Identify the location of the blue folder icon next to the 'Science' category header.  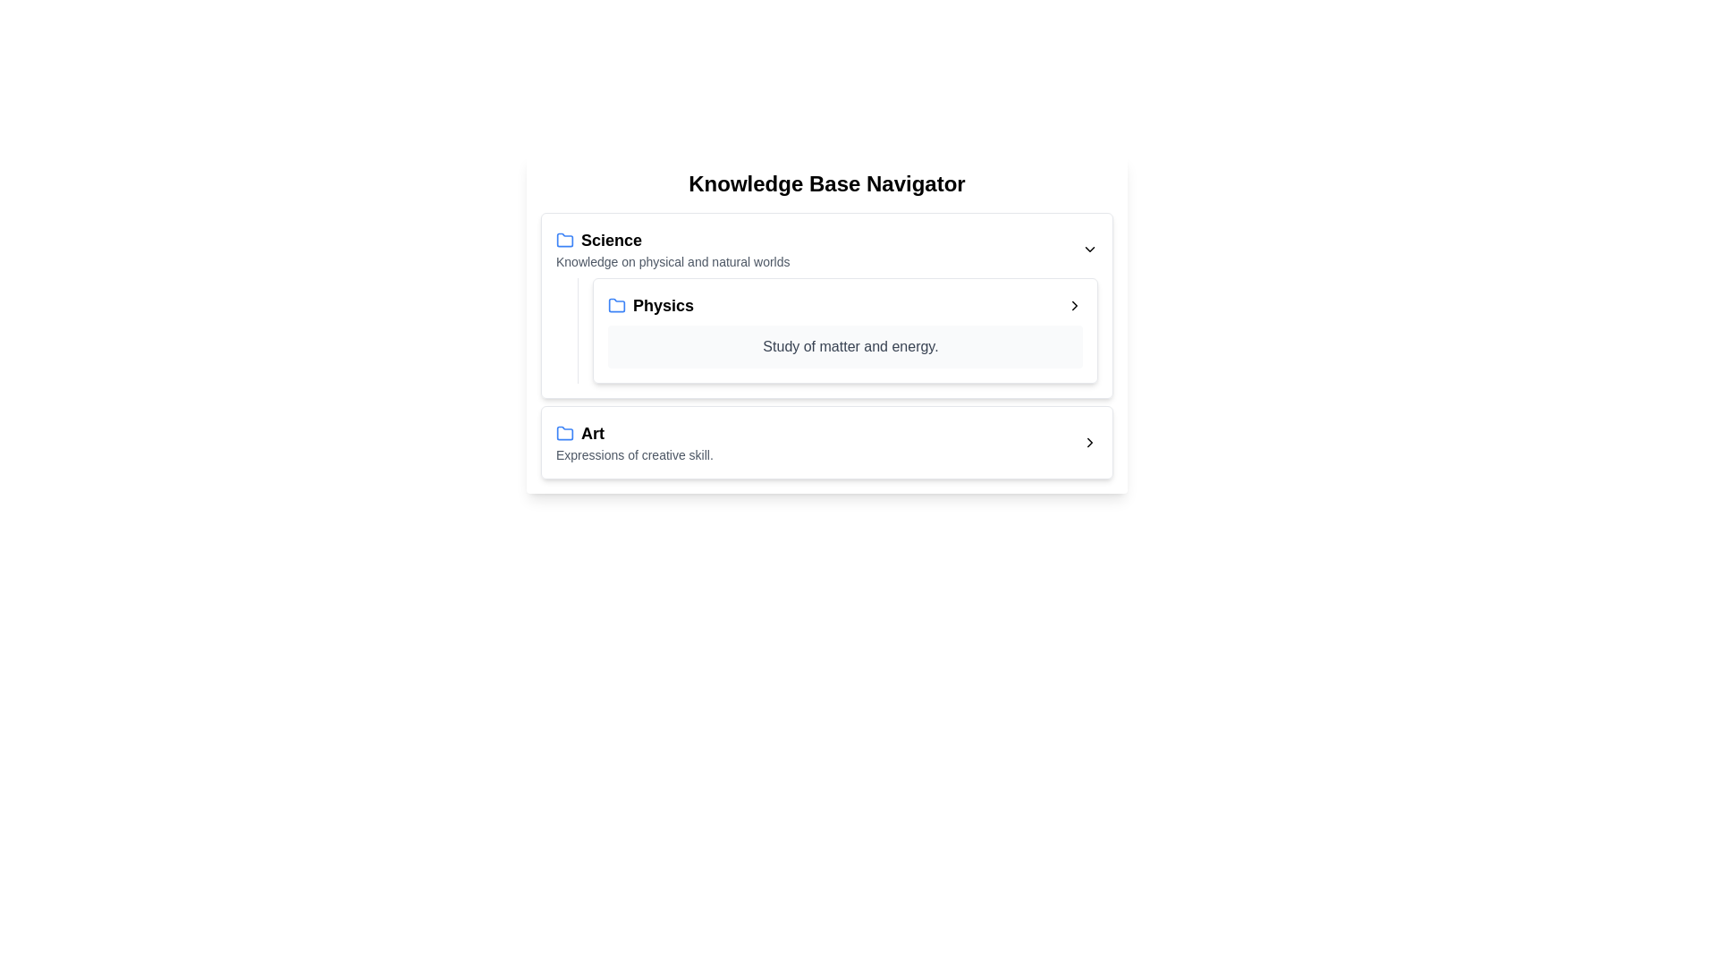
(672, 249).